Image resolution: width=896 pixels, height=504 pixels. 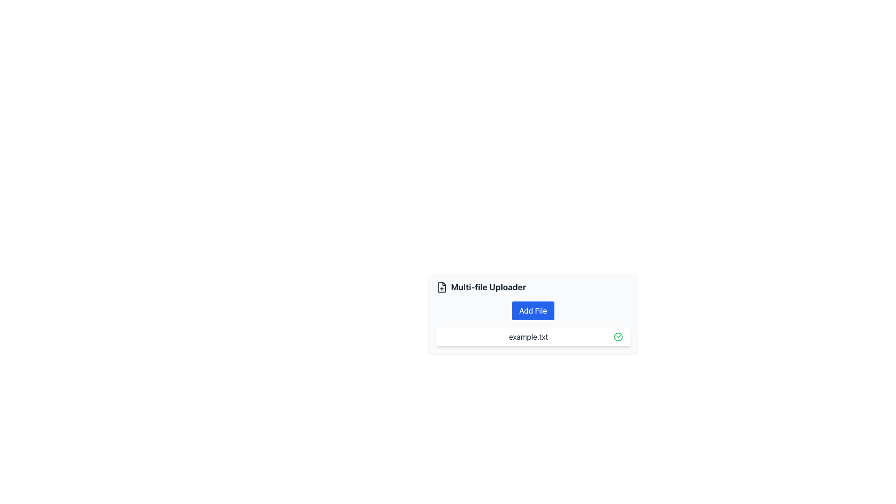 What do you see at coordinates (533, 313) in the screenshot?
I see `the blue 'Add File' button with rounded corners, located under the 'Multi-file Uploader' header and above the 'example.txt' file entry, to upload files` at bounding box center [533, 313].